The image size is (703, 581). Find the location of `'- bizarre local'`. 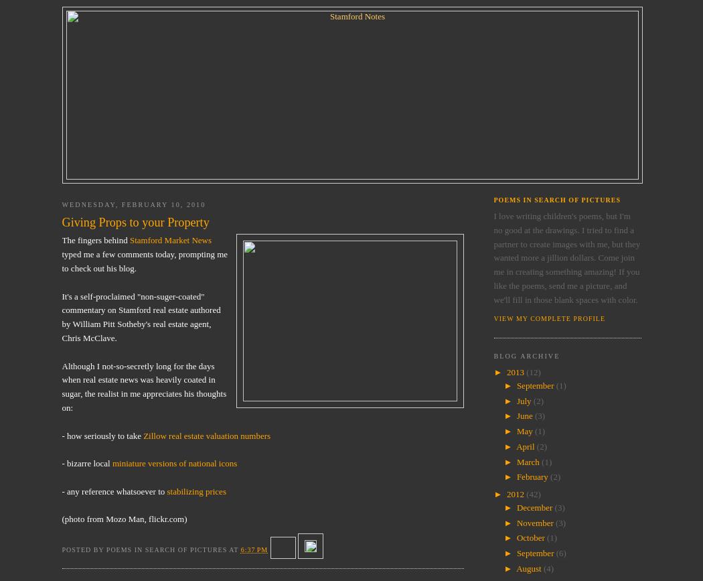

'- bizarre local' is located at coordinates (61, 462).